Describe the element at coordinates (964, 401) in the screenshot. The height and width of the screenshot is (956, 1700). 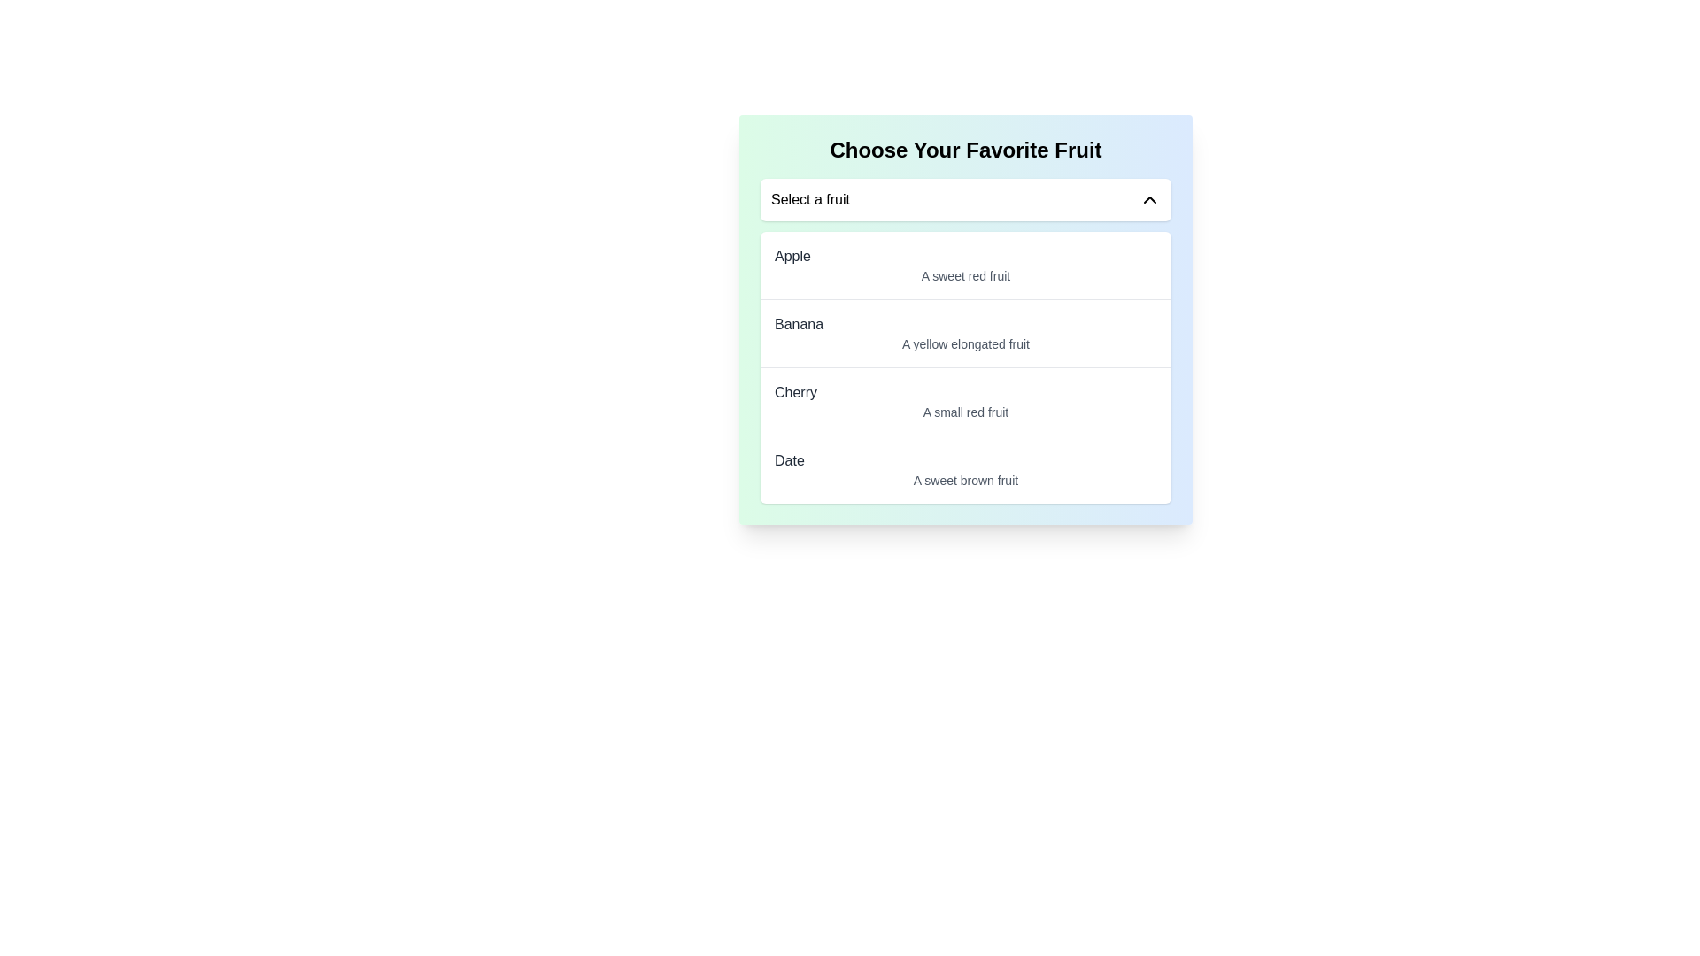
I see `the third item in the dropdown menu, which is 'Cherry'` at that location.